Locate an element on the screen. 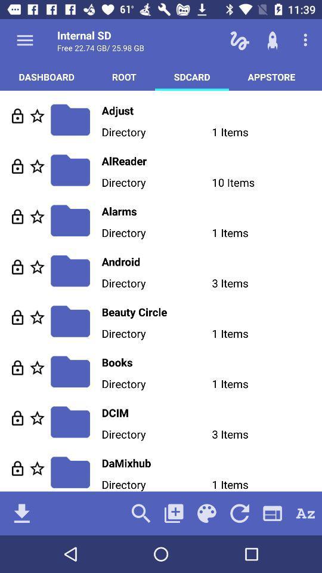  folder lock button is located at coordinates (17, 215).